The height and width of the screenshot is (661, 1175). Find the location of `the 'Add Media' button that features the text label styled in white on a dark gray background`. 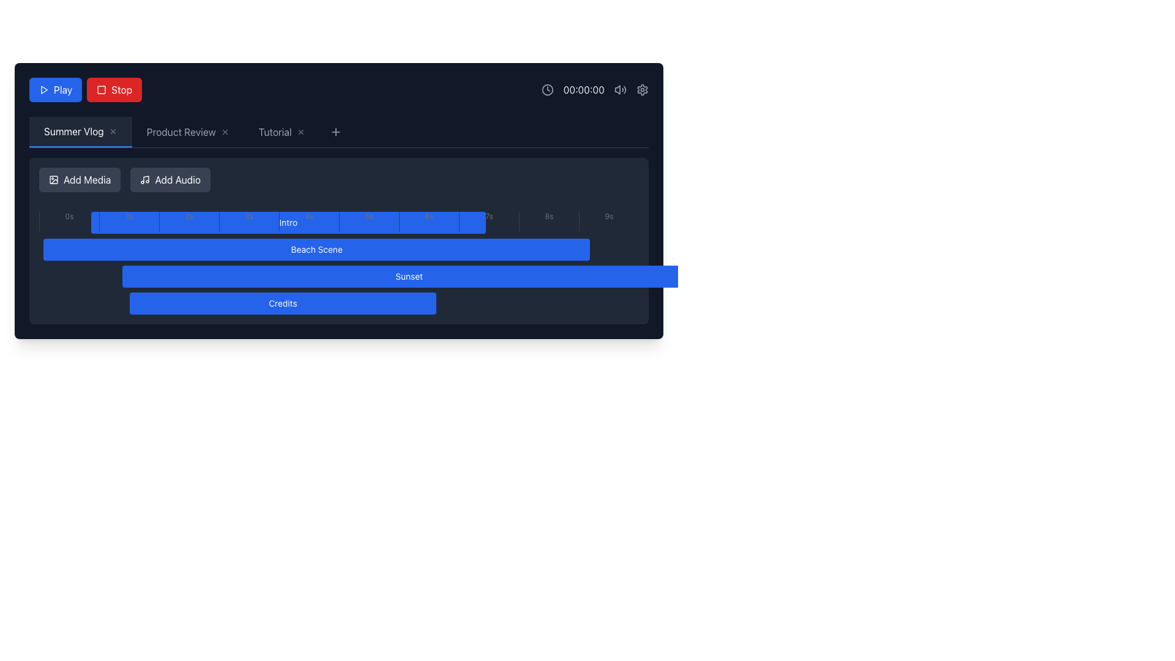

the 'Add Media' button that features the text label styled in white on a dark gray background is located at coordinates (86, 179).